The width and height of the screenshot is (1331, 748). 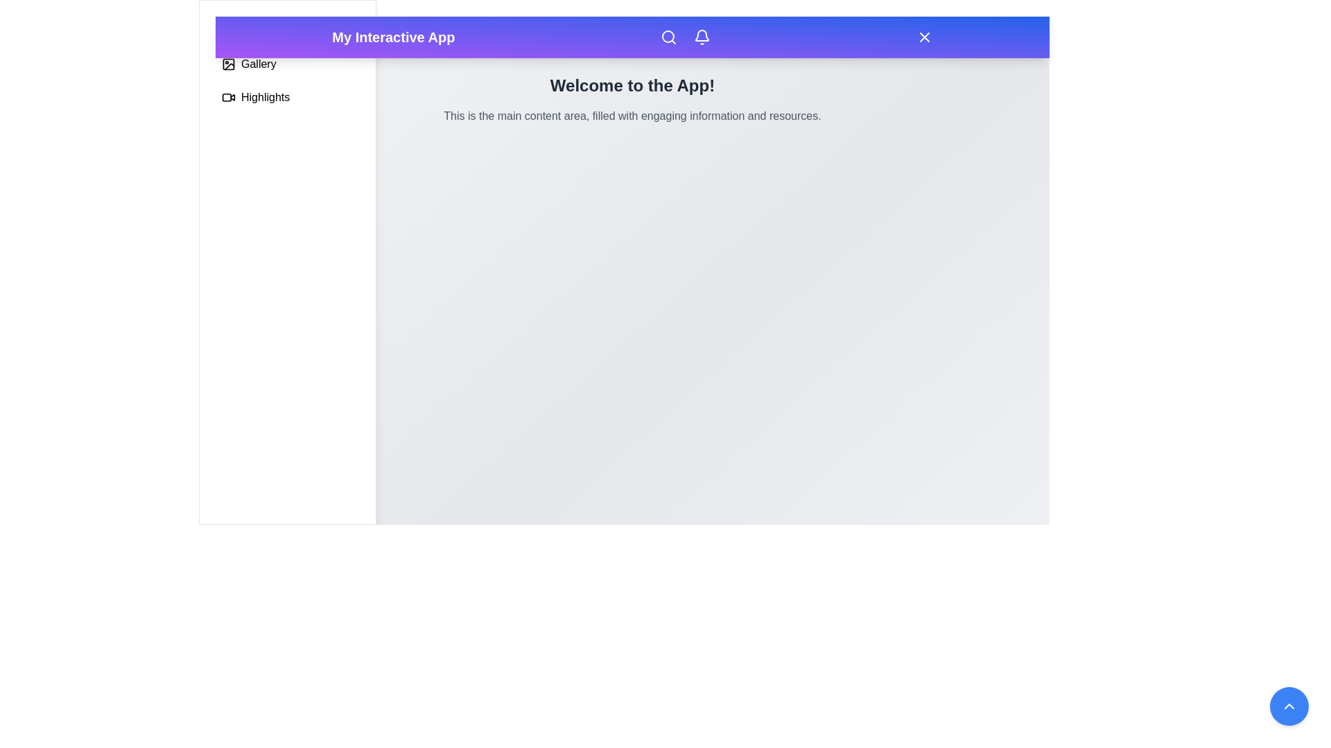 I want to click on the circular portion of the magnifying glass icon located in the top navigation bar, positioned between the logo and other icons, so click(x=668, y=36).